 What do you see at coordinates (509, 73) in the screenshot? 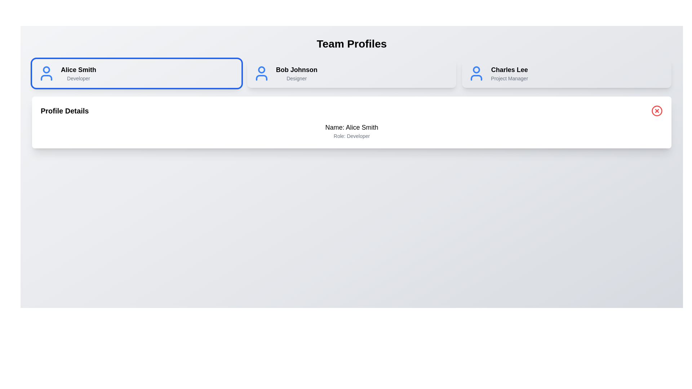
I see `displayed information from the Text label showing 'Charles Lee' in bold and 'Project Manager' in smaller font, positioned on the rightmost side of the user profile components under 'Team Profiles'` at bounding box center [509, 73].